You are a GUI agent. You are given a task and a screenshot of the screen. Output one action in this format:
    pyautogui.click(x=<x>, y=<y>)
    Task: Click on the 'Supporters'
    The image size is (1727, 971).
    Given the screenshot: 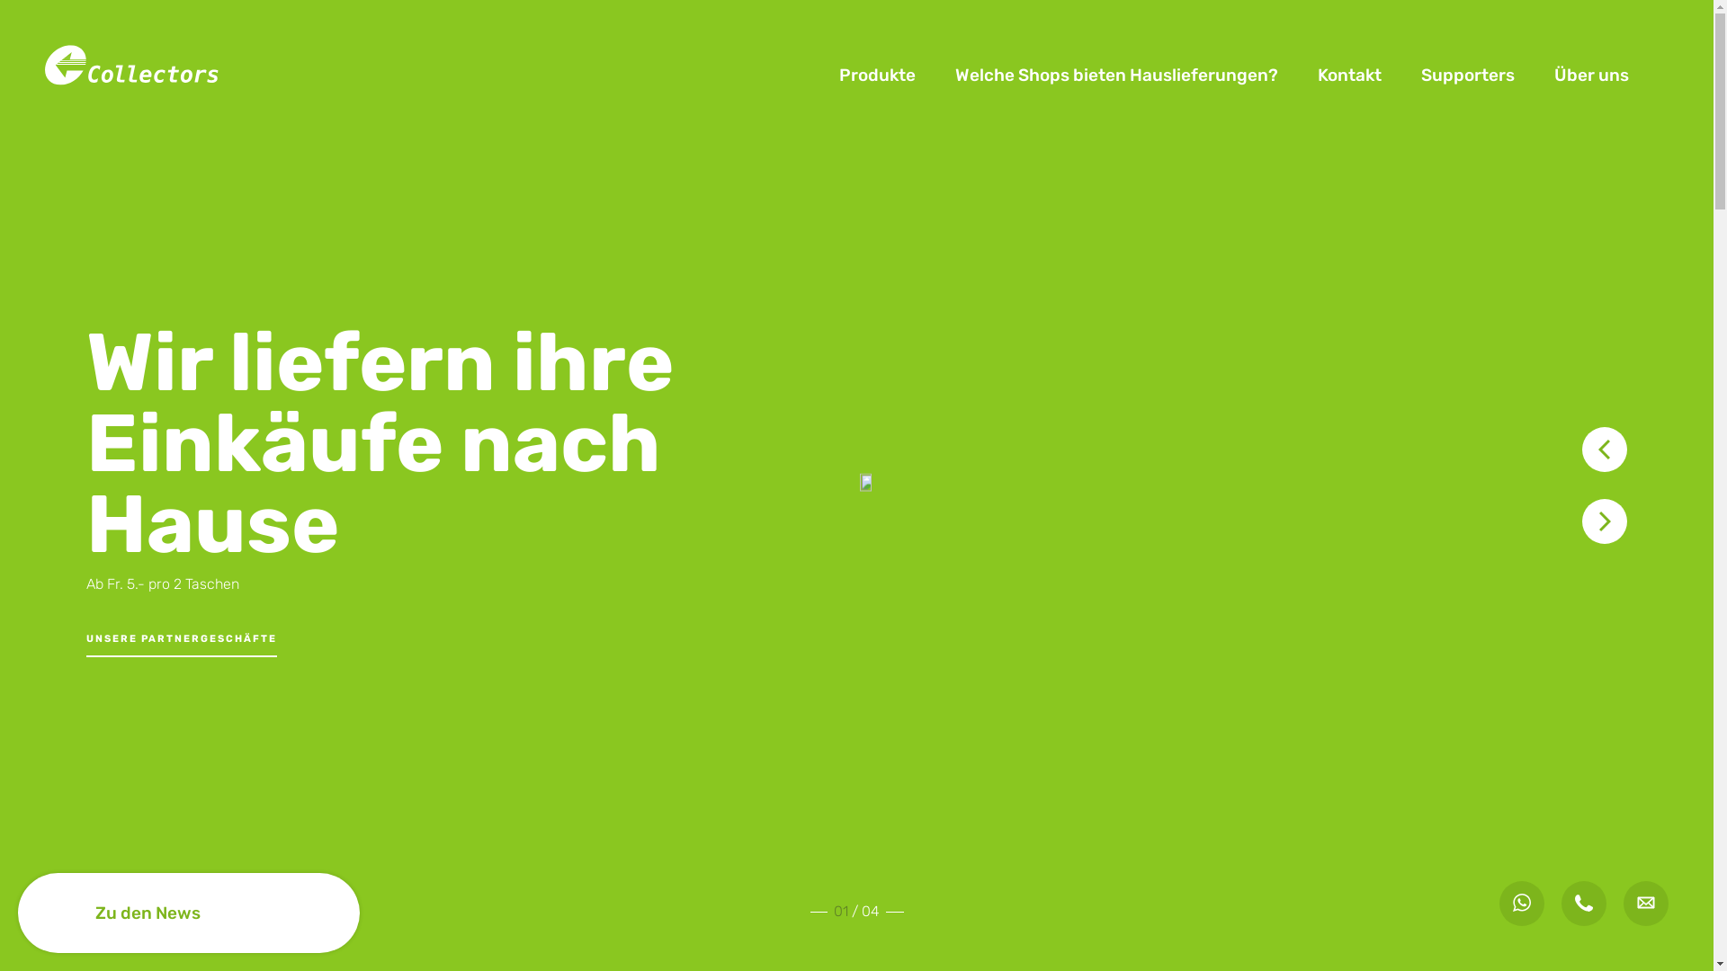 What is the action you would take?
    pyautogui.click(x=1468, y=75)
    